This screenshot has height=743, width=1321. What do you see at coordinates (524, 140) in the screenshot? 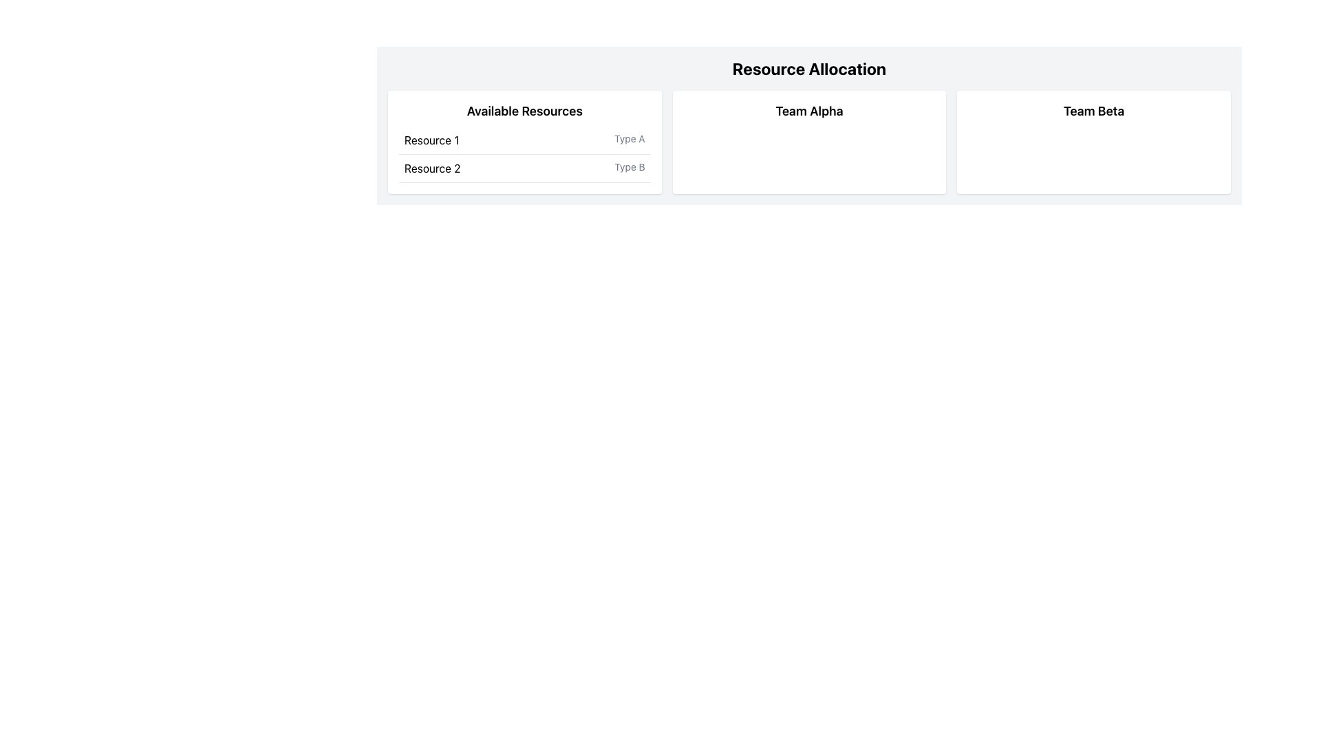
I see `the top row of the 'Available Resources' table that contains information about 'Resource 1' of 'Type A'` at bounding box center [524, 140].